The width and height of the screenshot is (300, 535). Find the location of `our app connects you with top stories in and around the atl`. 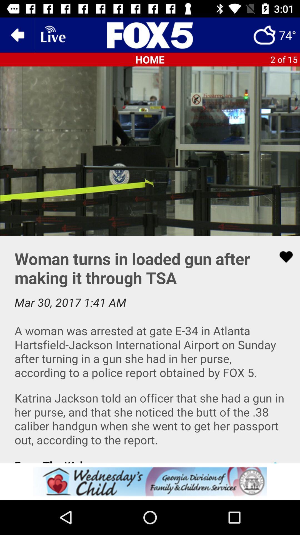

our app connects you with top stories in and around the atl is located at coordinates (150, 349).